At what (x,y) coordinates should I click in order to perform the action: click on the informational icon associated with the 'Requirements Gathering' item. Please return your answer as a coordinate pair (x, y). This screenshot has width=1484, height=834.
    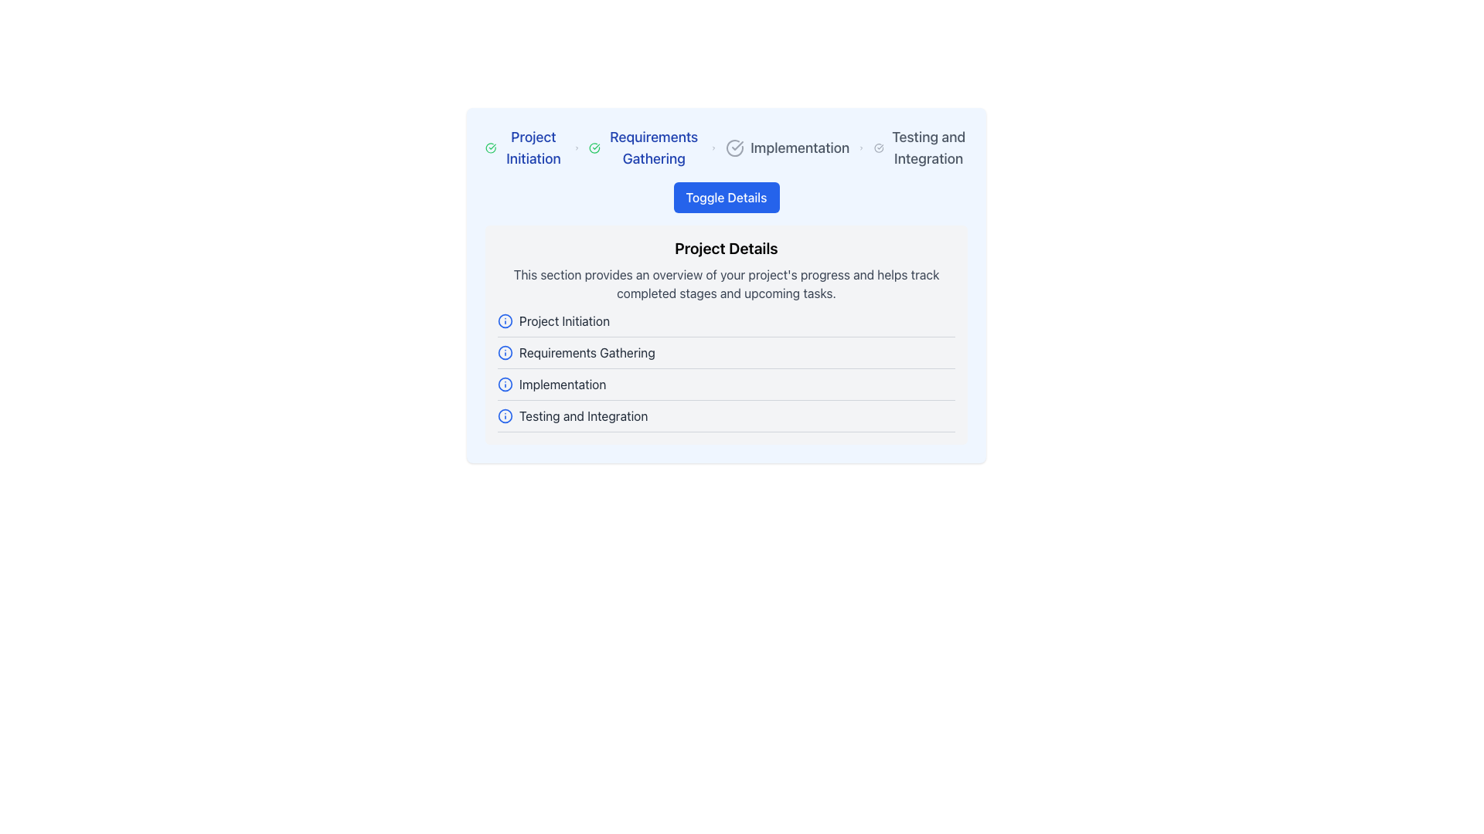
    Looking at the image, I should click on (505, 352).